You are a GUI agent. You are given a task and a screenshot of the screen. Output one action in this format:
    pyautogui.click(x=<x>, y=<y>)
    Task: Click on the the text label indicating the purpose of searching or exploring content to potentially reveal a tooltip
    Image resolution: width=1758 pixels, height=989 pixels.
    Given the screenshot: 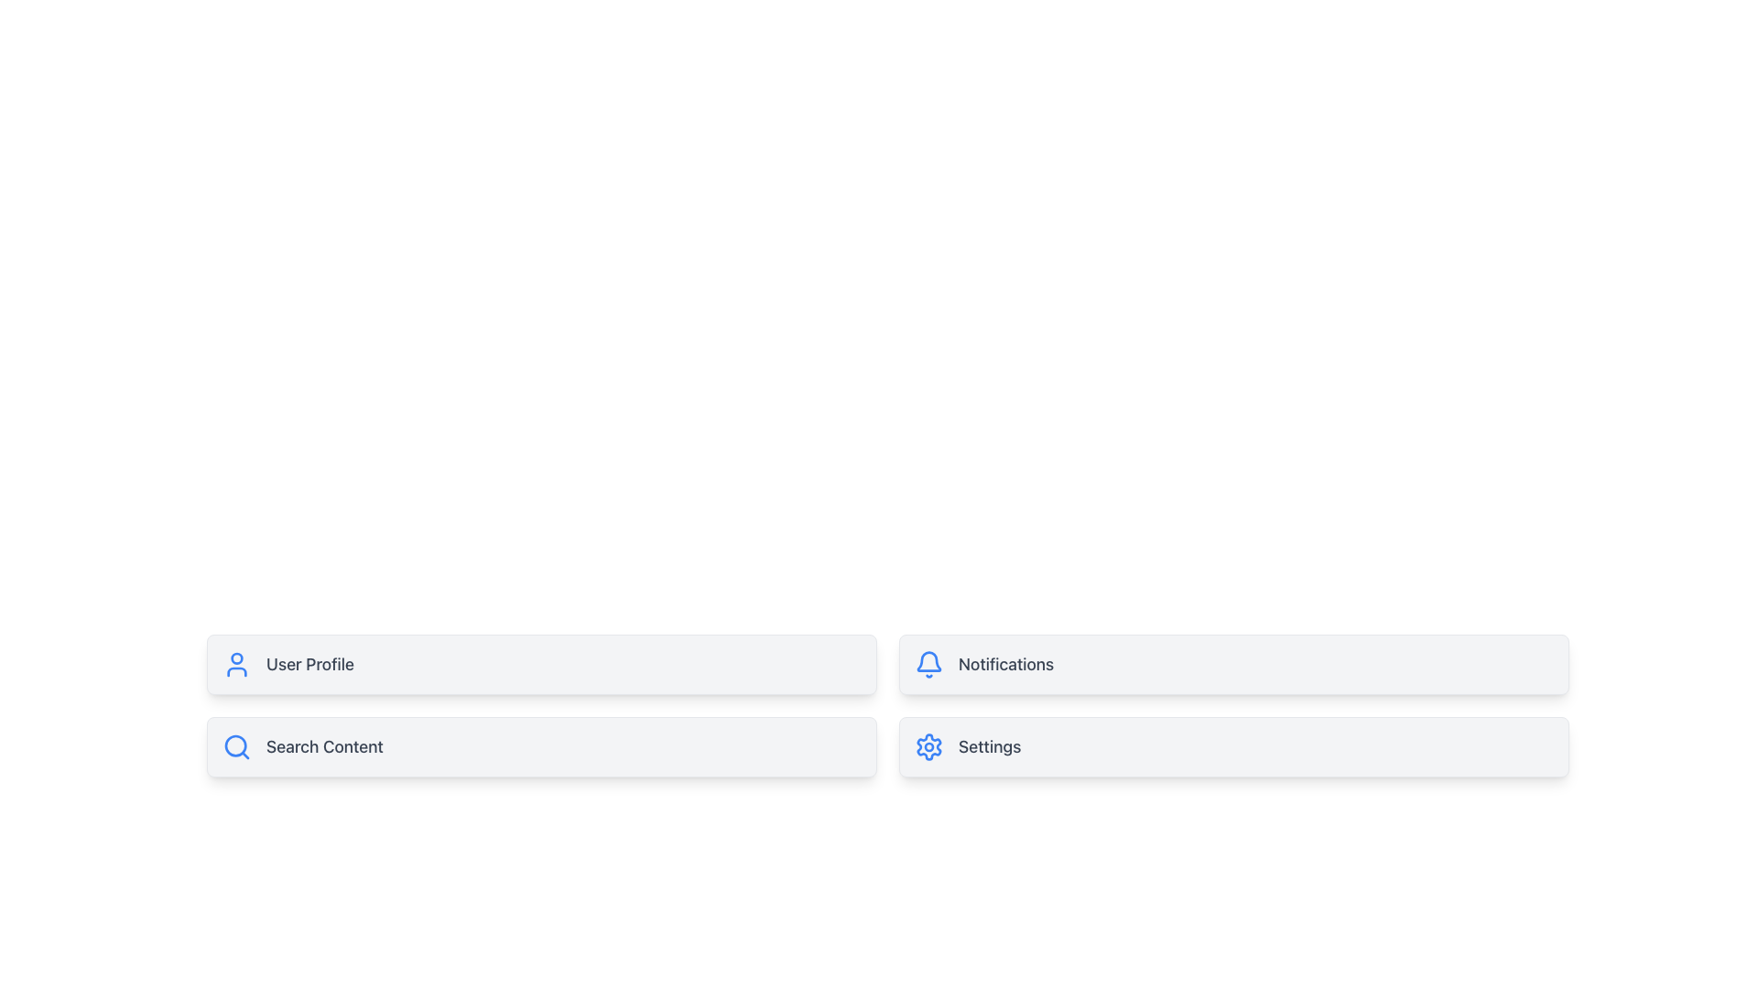 What is the action you would take?
    pyautogui.click(x=325, y=747)
    